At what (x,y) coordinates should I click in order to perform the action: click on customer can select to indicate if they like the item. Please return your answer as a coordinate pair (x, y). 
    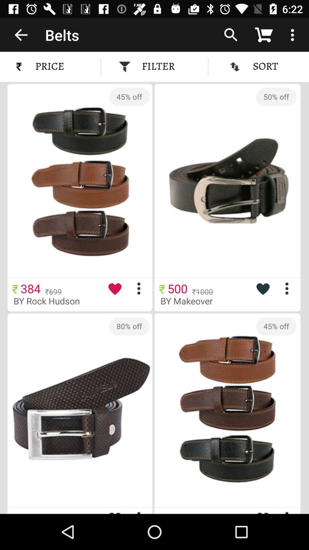
    Looking at the image, I should click on (263, 288).